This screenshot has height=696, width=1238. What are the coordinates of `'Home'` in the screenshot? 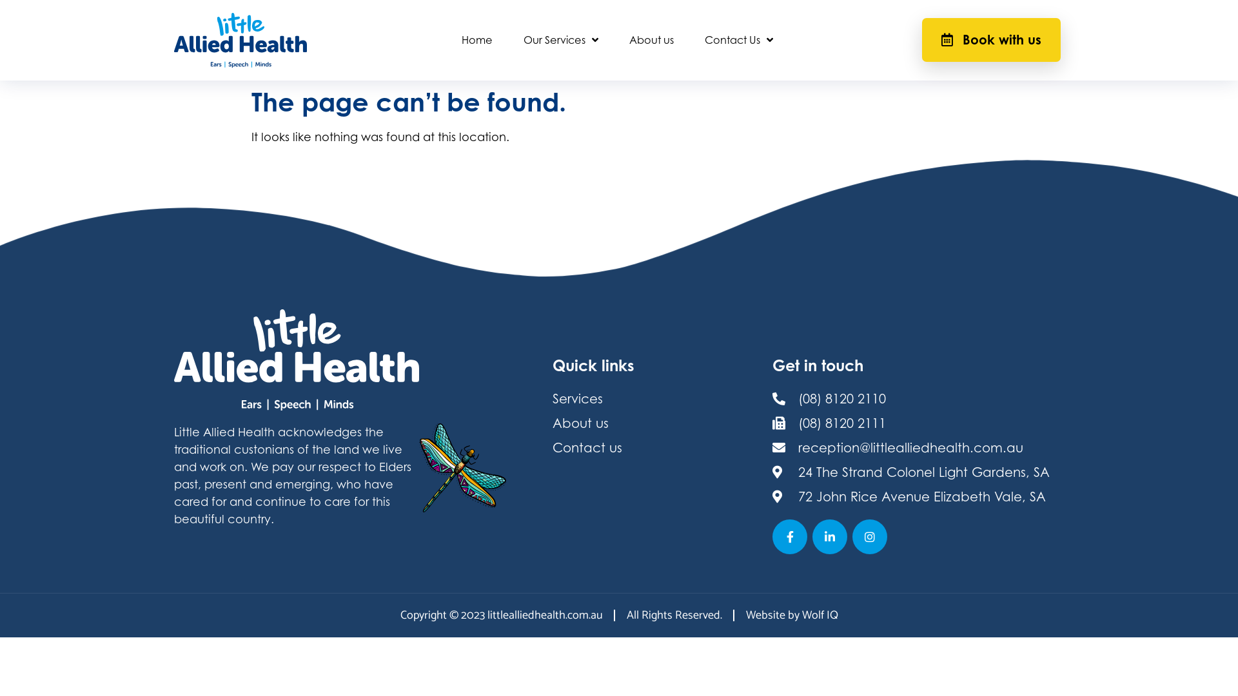 It's located at (476, 39).